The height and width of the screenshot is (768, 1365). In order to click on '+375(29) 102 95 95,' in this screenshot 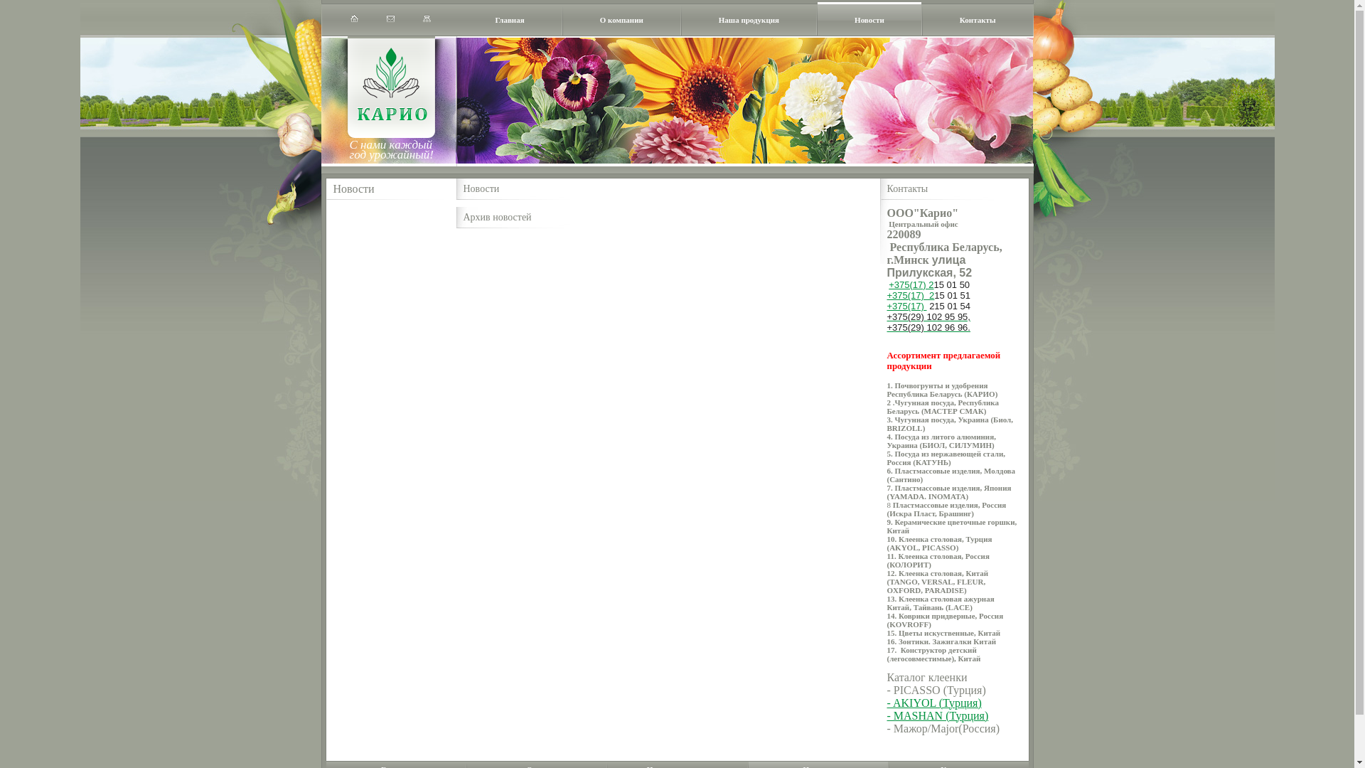, I will do `click(928, 316)`.